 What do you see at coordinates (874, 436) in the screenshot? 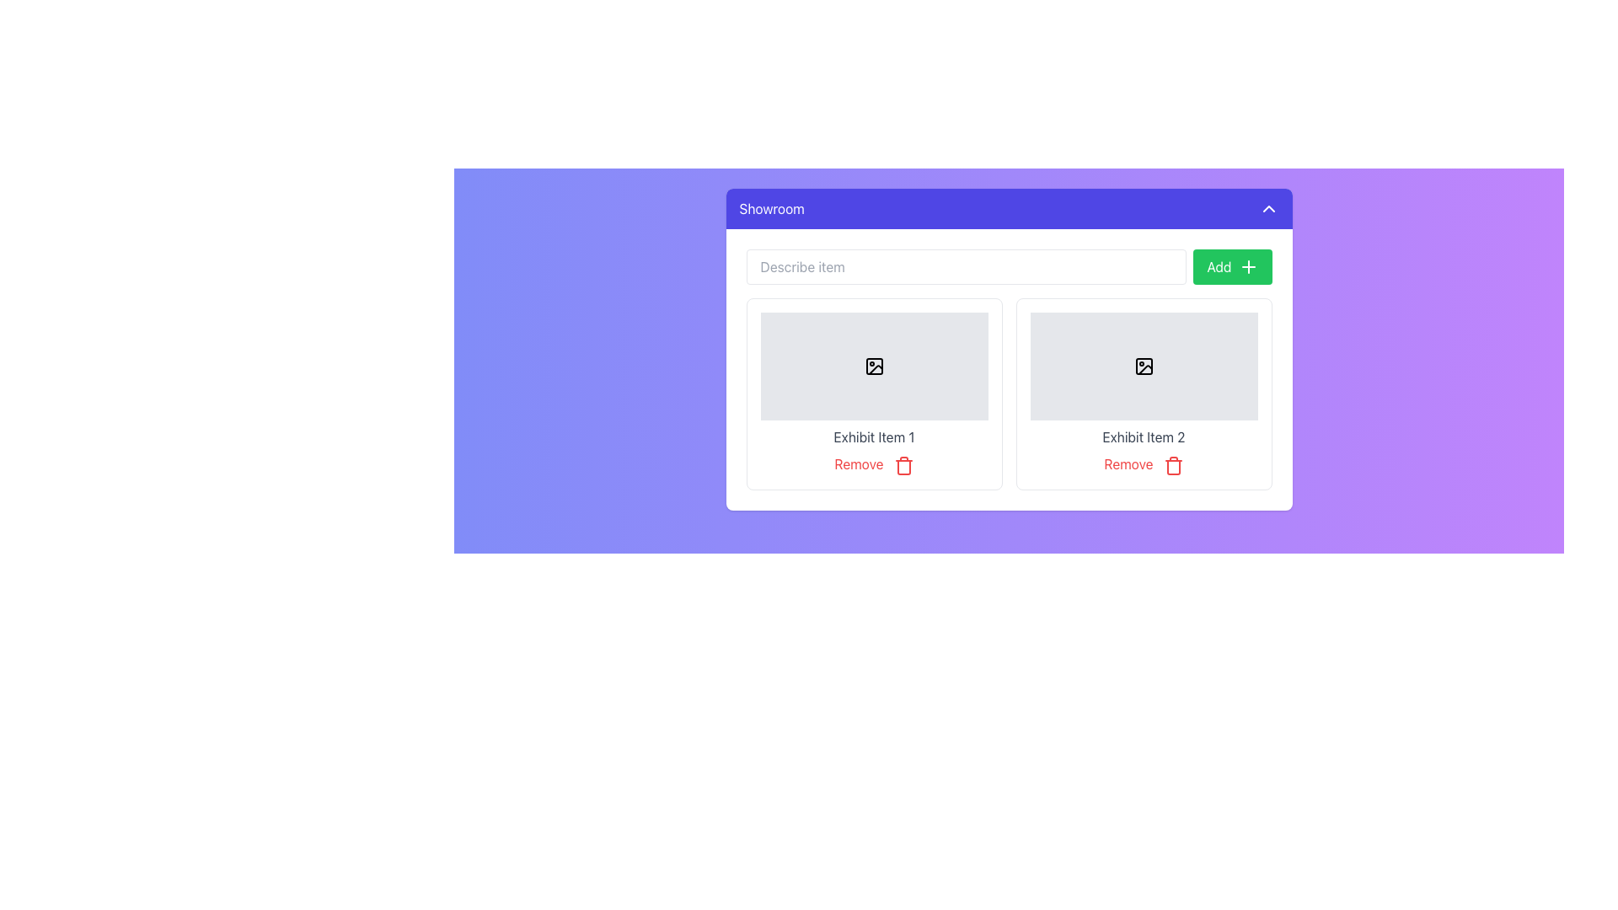
I see `the static text label located below the image placeholder in the left card of the 'Showroom' section, positioned above the 'Remove' button` at bounding box center [874, 436].